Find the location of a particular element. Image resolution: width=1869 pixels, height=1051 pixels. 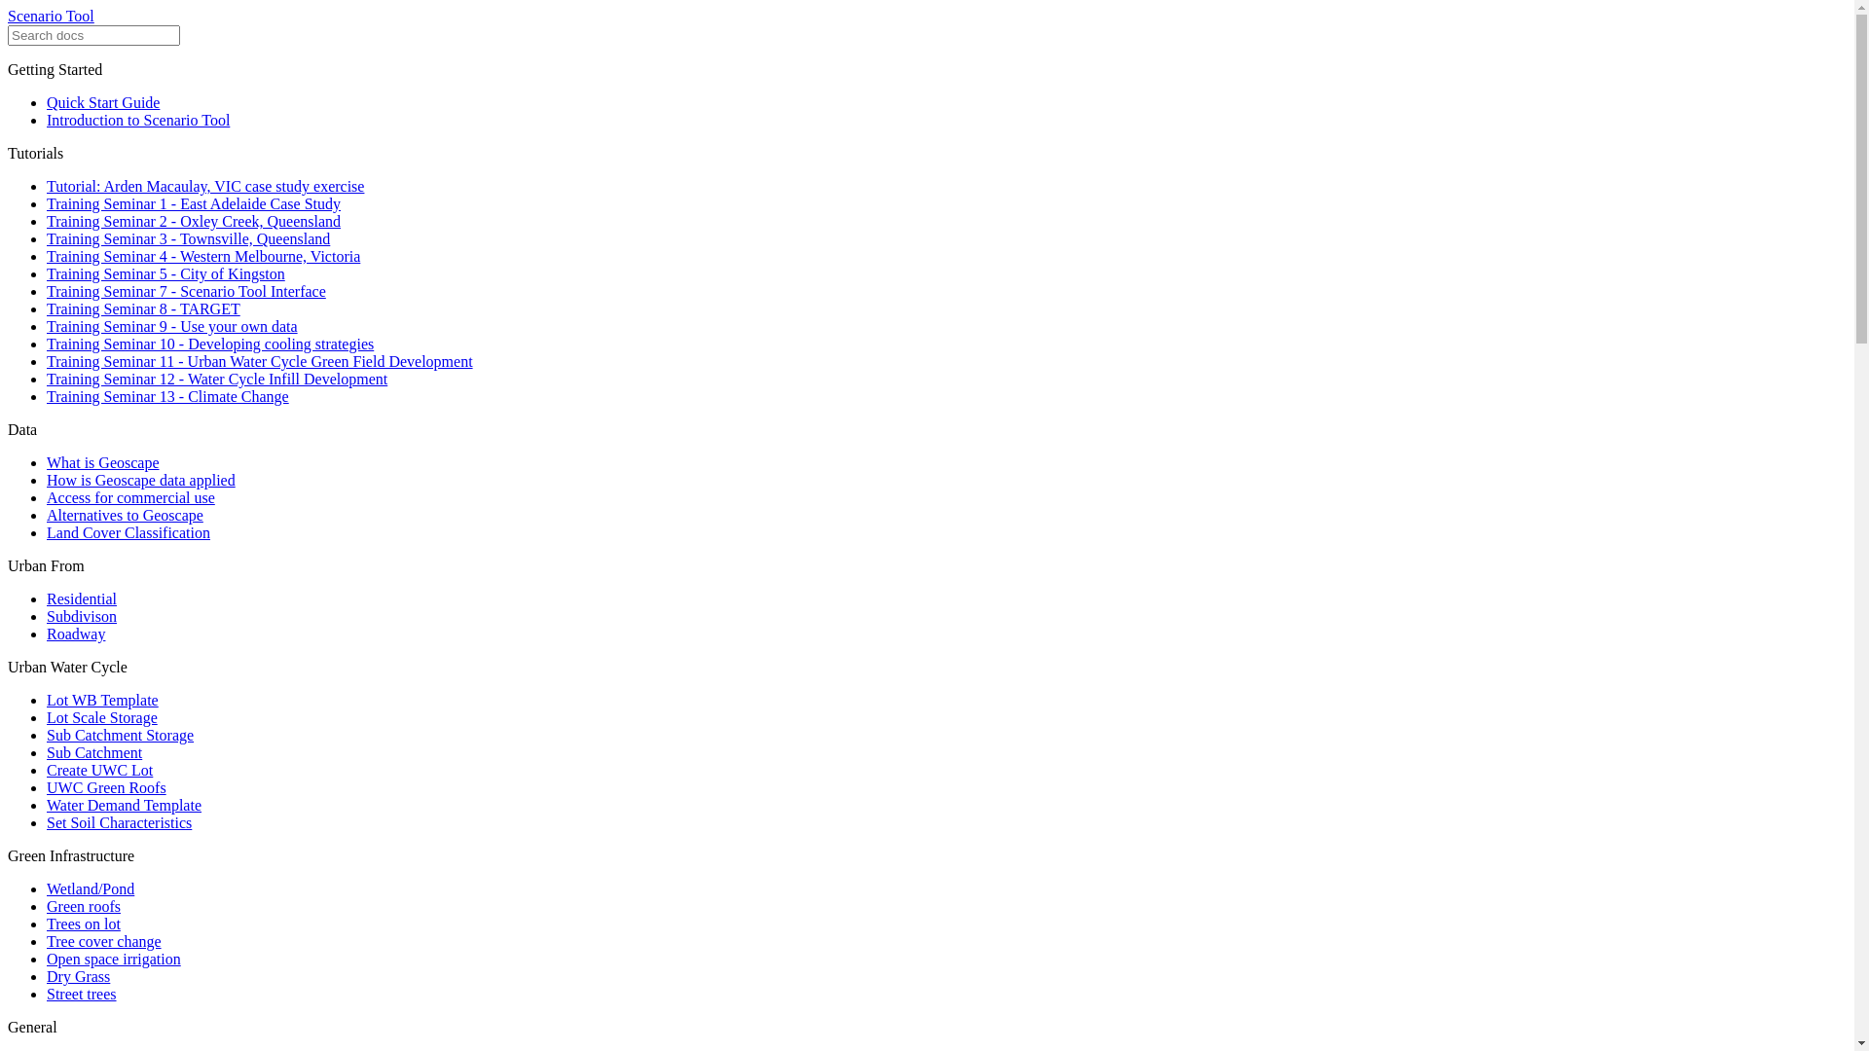

'Training Seminar 13 - Climate Change' is located at coordinates (167, 395).